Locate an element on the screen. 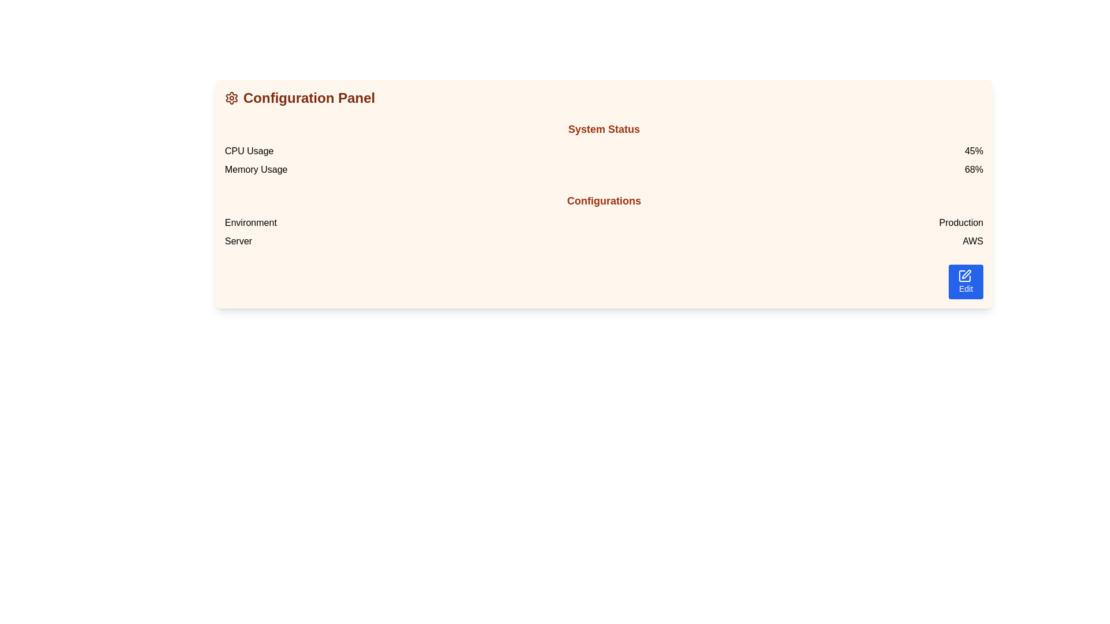 This screenshot has height=624, width=1110. the blue square icon with a pen graphic located within the 'Edit' button at the bottom-right corner of the card under the 'Configuration Panel' is located at coordinates (965, 276).